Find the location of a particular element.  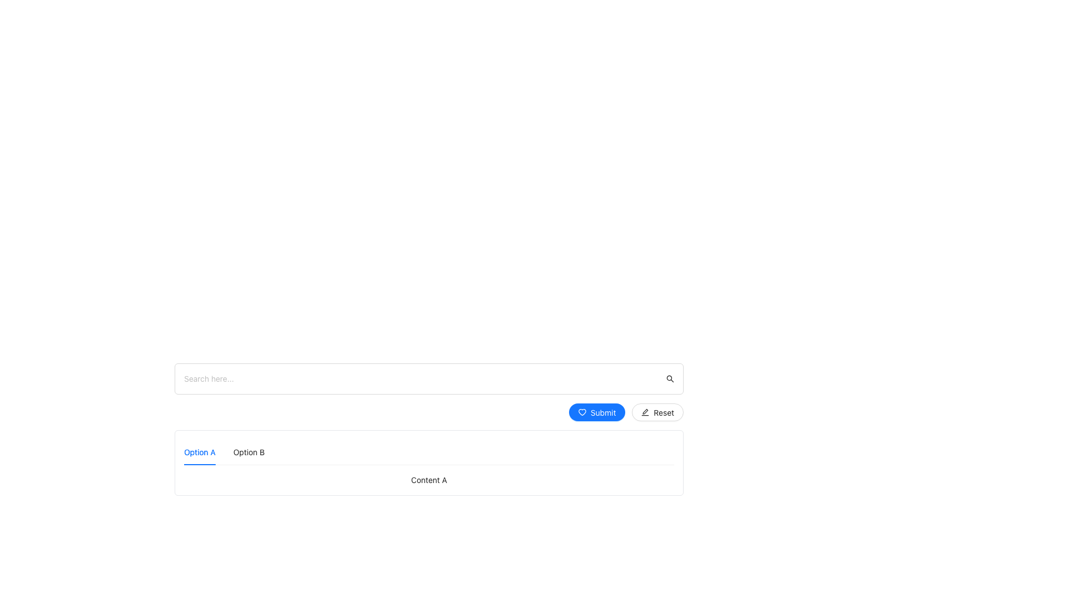

the 'Option A' tab is located at coordinates (200, 452).